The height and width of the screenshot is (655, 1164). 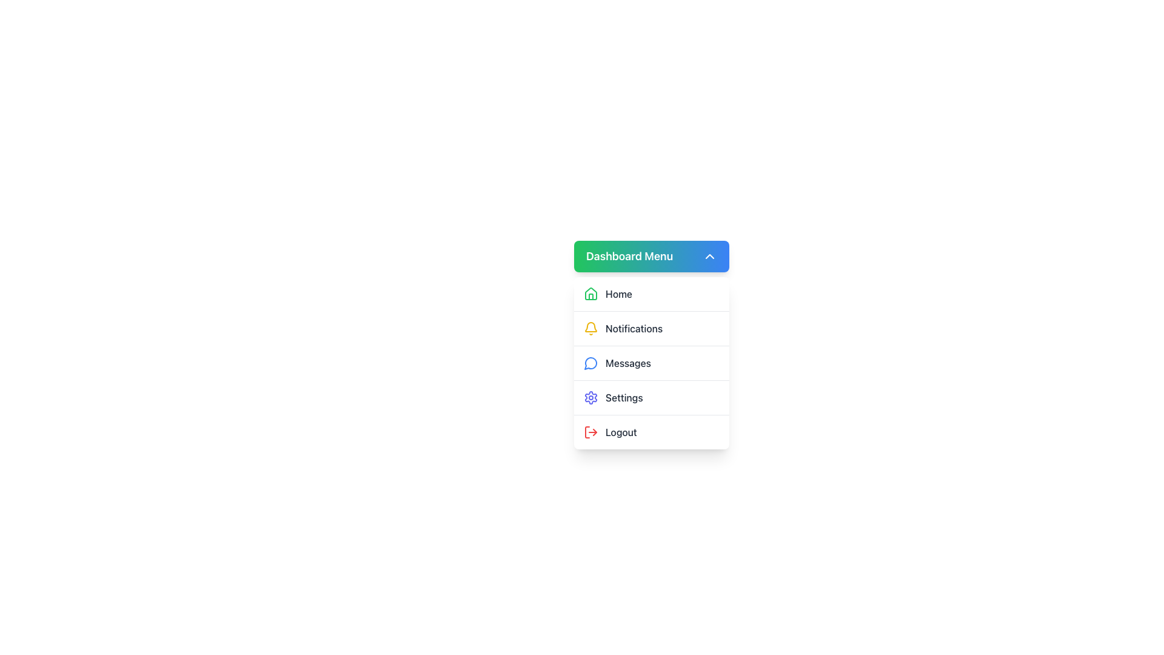 What do you see at coordinates (628, 362) in the screenshot?
I see `the 'Messages' text label in the navigation menu, which is the third entry below 'Notifications' and above 'Settings', located in the top-right corner of the interface` at bounding box center [628, 362].